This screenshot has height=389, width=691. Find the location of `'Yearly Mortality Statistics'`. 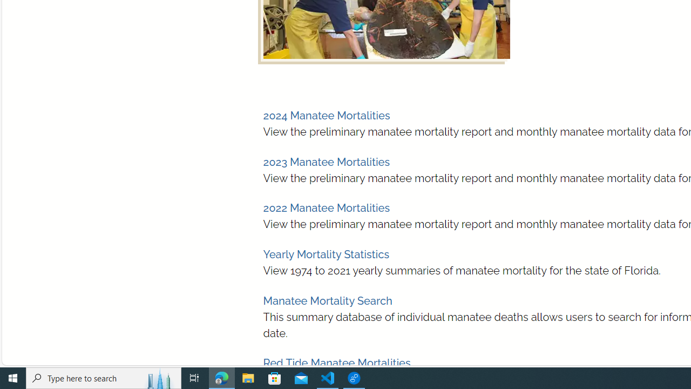

'Yearly Mortality Statistics' is located at coordinates (326, 254).